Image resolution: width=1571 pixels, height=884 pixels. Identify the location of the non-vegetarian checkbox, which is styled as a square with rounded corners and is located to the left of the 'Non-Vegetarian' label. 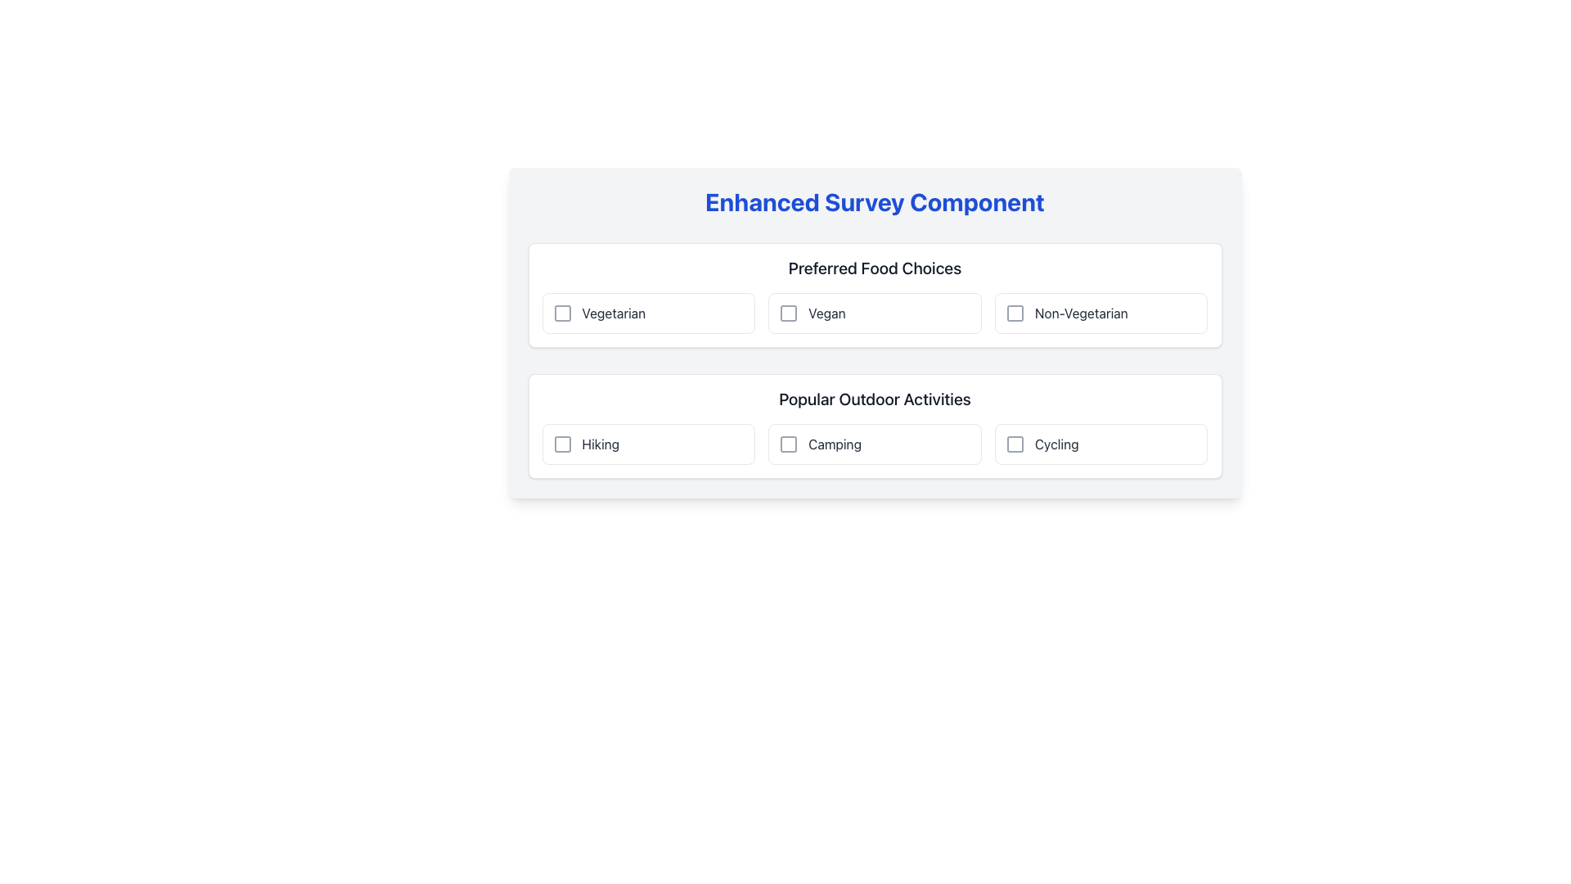
(1014, 313).